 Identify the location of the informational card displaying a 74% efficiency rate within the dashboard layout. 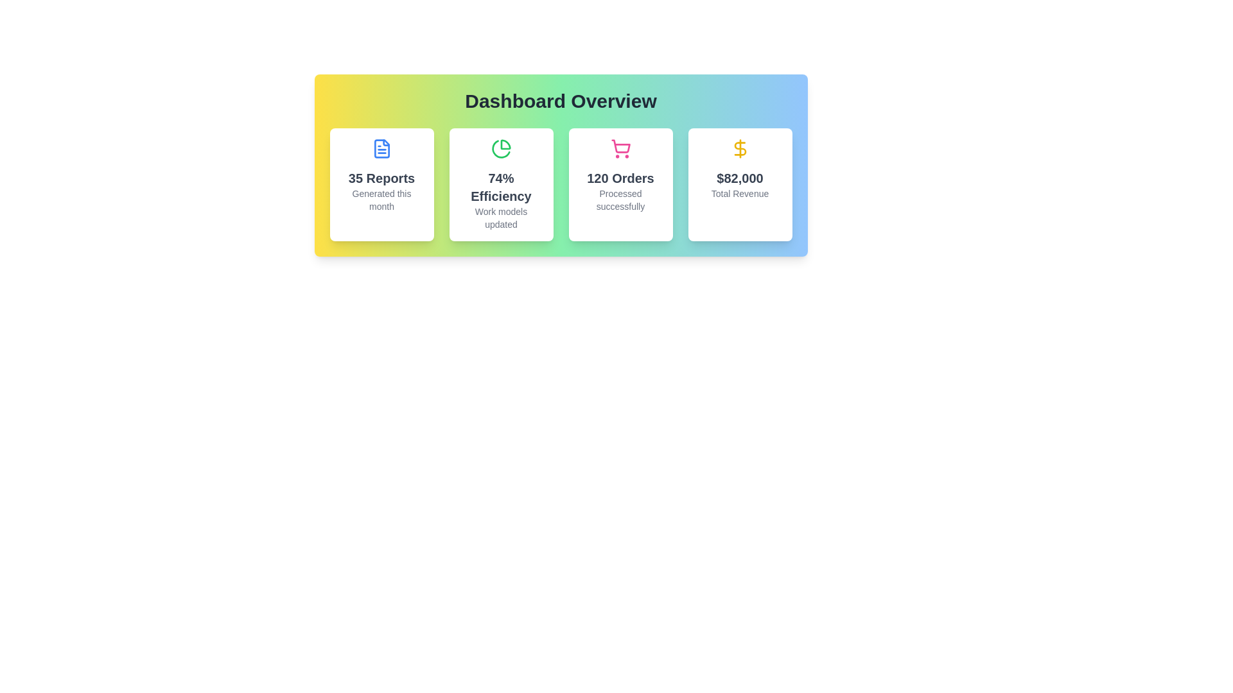
(500, 185).